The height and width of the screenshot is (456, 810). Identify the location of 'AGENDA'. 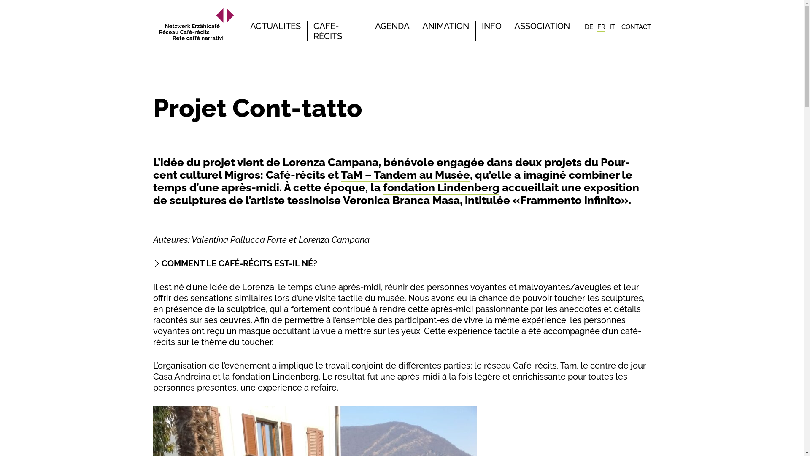
(374, 25).